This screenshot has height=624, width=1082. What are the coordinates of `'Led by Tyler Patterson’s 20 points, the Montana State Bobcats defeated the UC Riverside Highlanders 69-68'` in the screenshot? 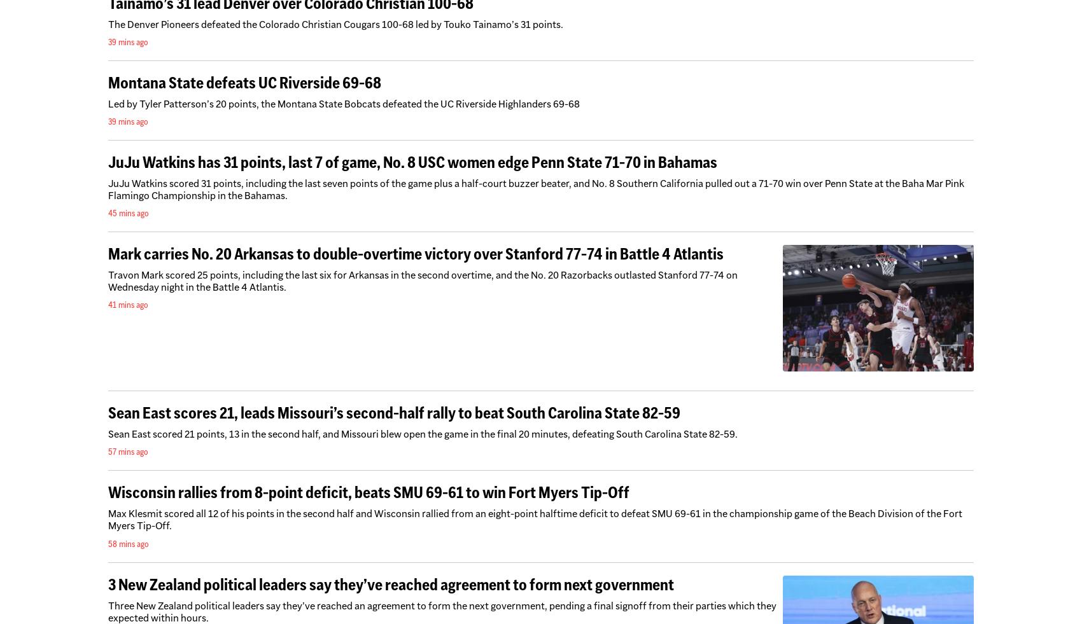 It's located at (343, 102).